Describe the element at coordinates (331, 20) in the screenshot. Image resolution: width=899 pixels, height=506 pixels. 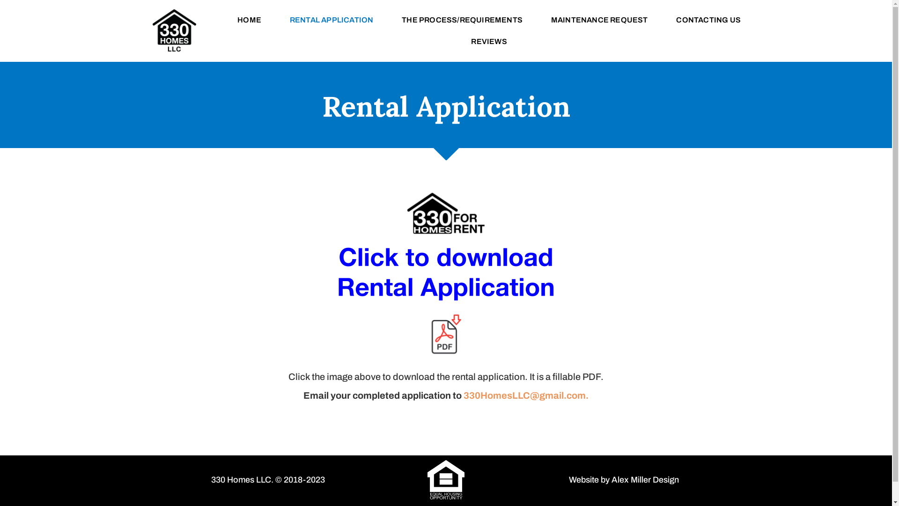
I see `'RENTAL APPLICATION'` at that location.